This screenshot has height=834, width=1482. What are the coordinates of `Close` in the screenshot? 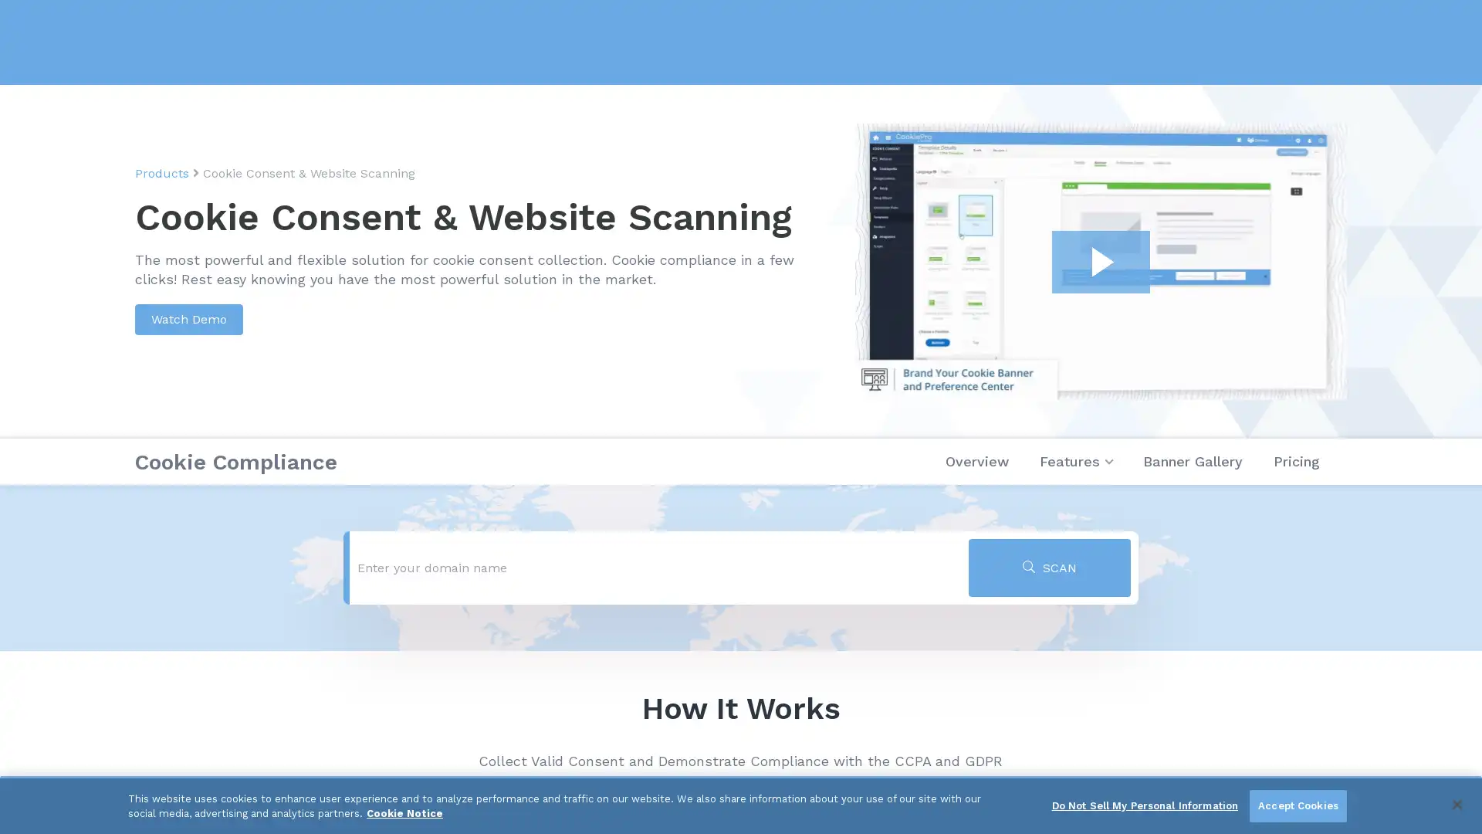 It's located at (1456, 803).